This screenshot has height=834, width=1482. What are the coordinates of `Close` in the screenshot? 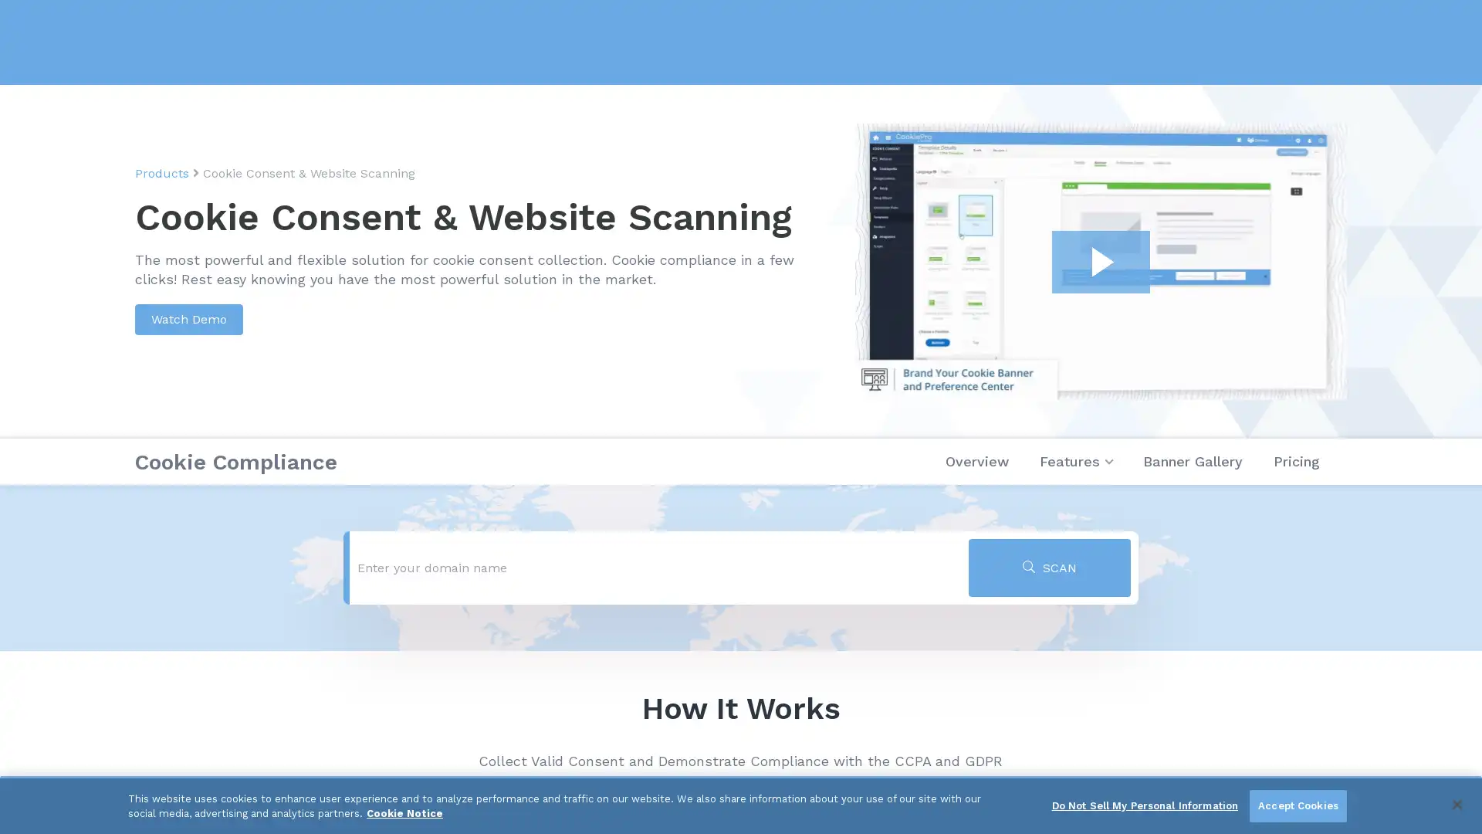 It's located at (1456, 803).